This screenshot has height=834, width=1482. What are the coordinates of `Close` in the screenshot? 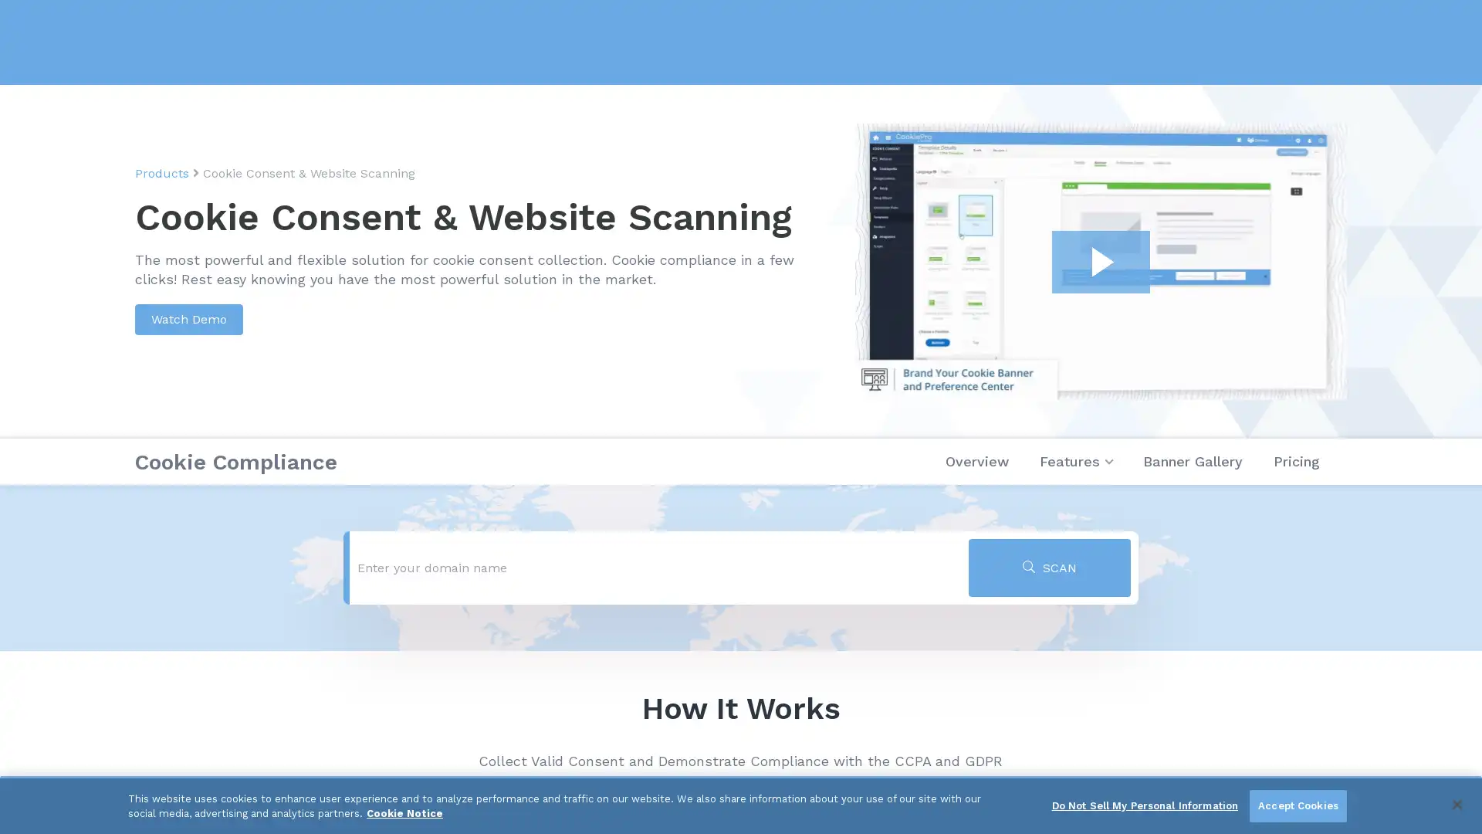 It's located at (1456, 803).